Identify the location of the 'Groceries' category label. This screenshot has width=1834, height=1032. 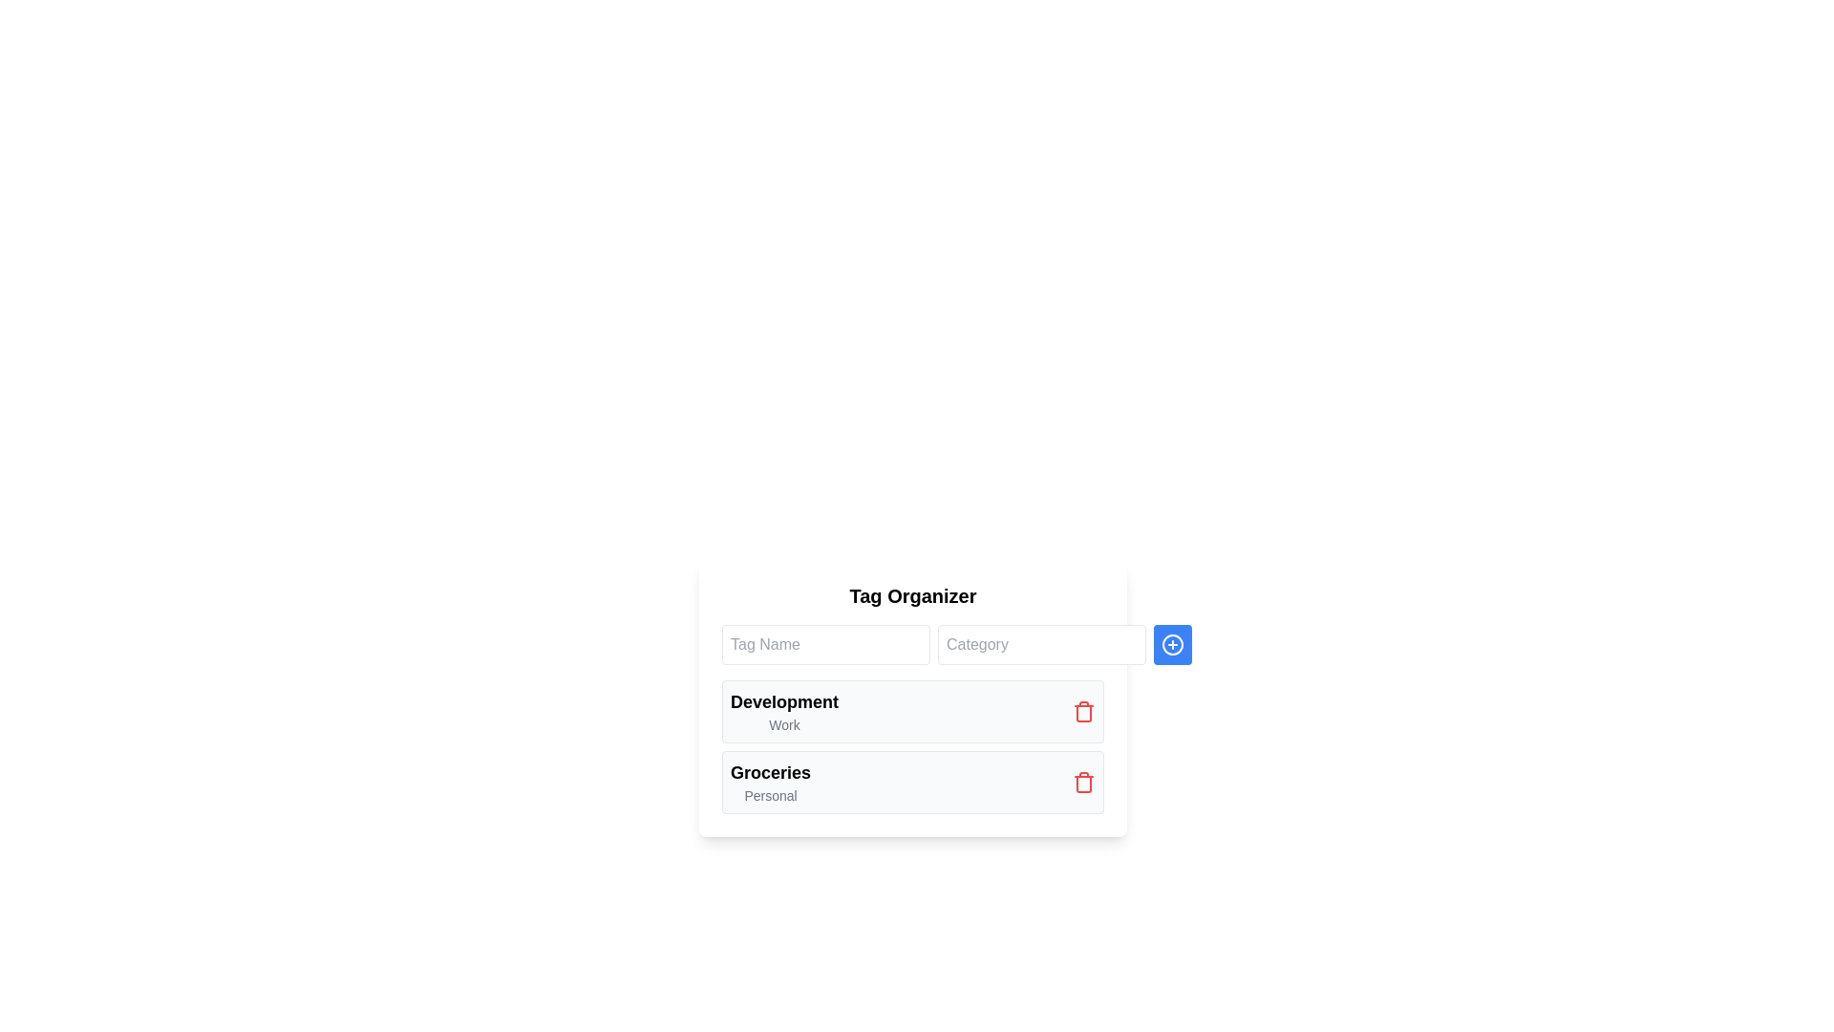
(770, 772).